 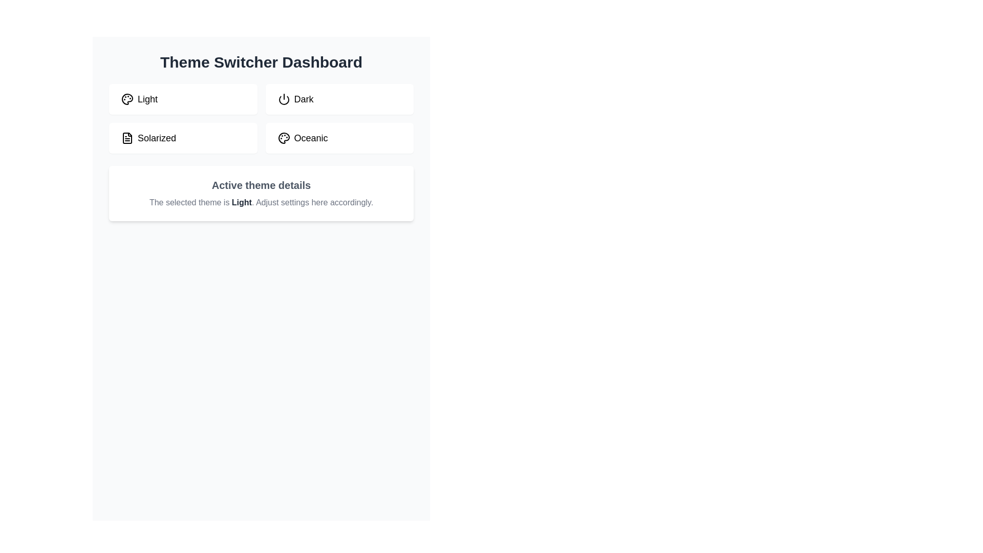 What do you see at coordinates (284, 99) in the screenshot?
I see `the power activation icon within the 'Dark' button in the theme options` at bounding box center [284, 99].